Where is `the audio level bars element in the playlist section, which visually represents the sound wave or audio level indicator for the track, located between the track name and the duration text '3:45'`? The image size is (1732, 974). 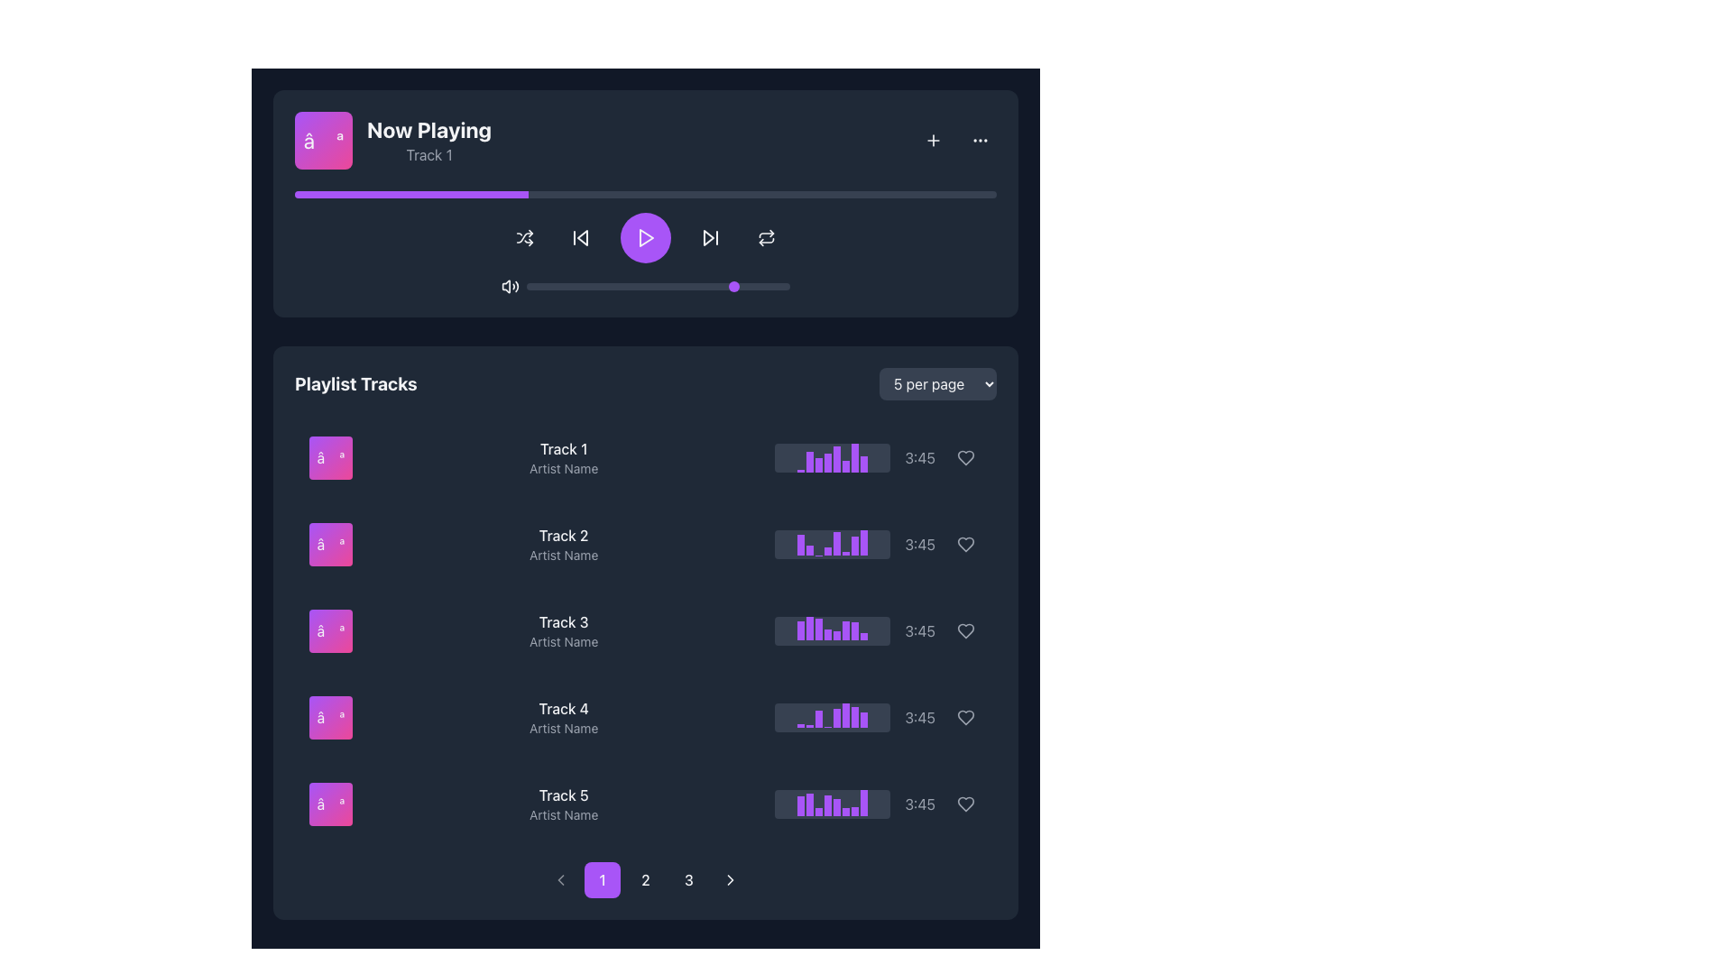
the audio level bars element in the playlist section, which visually represents the sound wave or audio level indicator for the track, located between the track name and the duration text '3:45' is located at coordinates (832, 457).